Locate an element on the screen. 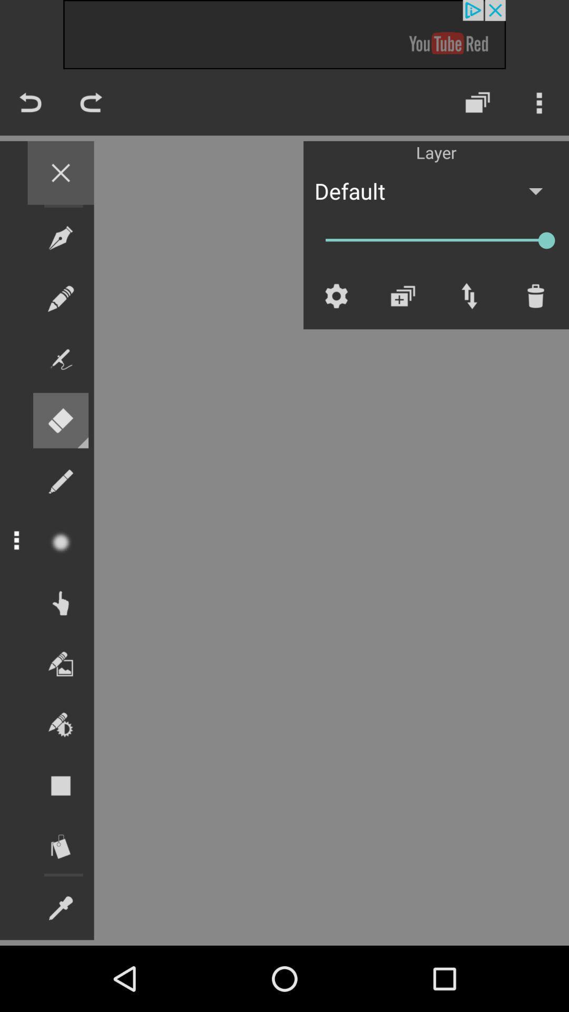 The height and width of the screenshot is (1012, 569). the redo icon is located at coordinates (91, 102).